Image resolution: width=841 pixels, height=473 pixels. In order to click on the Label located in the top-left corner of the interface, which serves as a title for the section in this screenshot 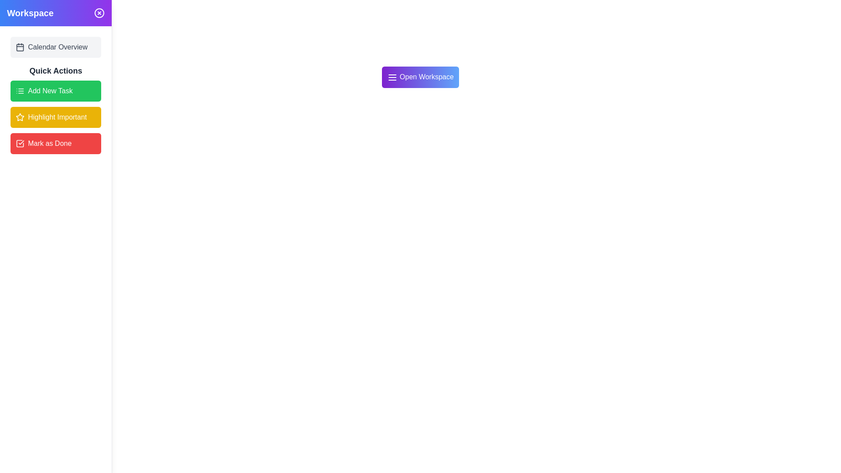, I will do `click(30, 13)`.